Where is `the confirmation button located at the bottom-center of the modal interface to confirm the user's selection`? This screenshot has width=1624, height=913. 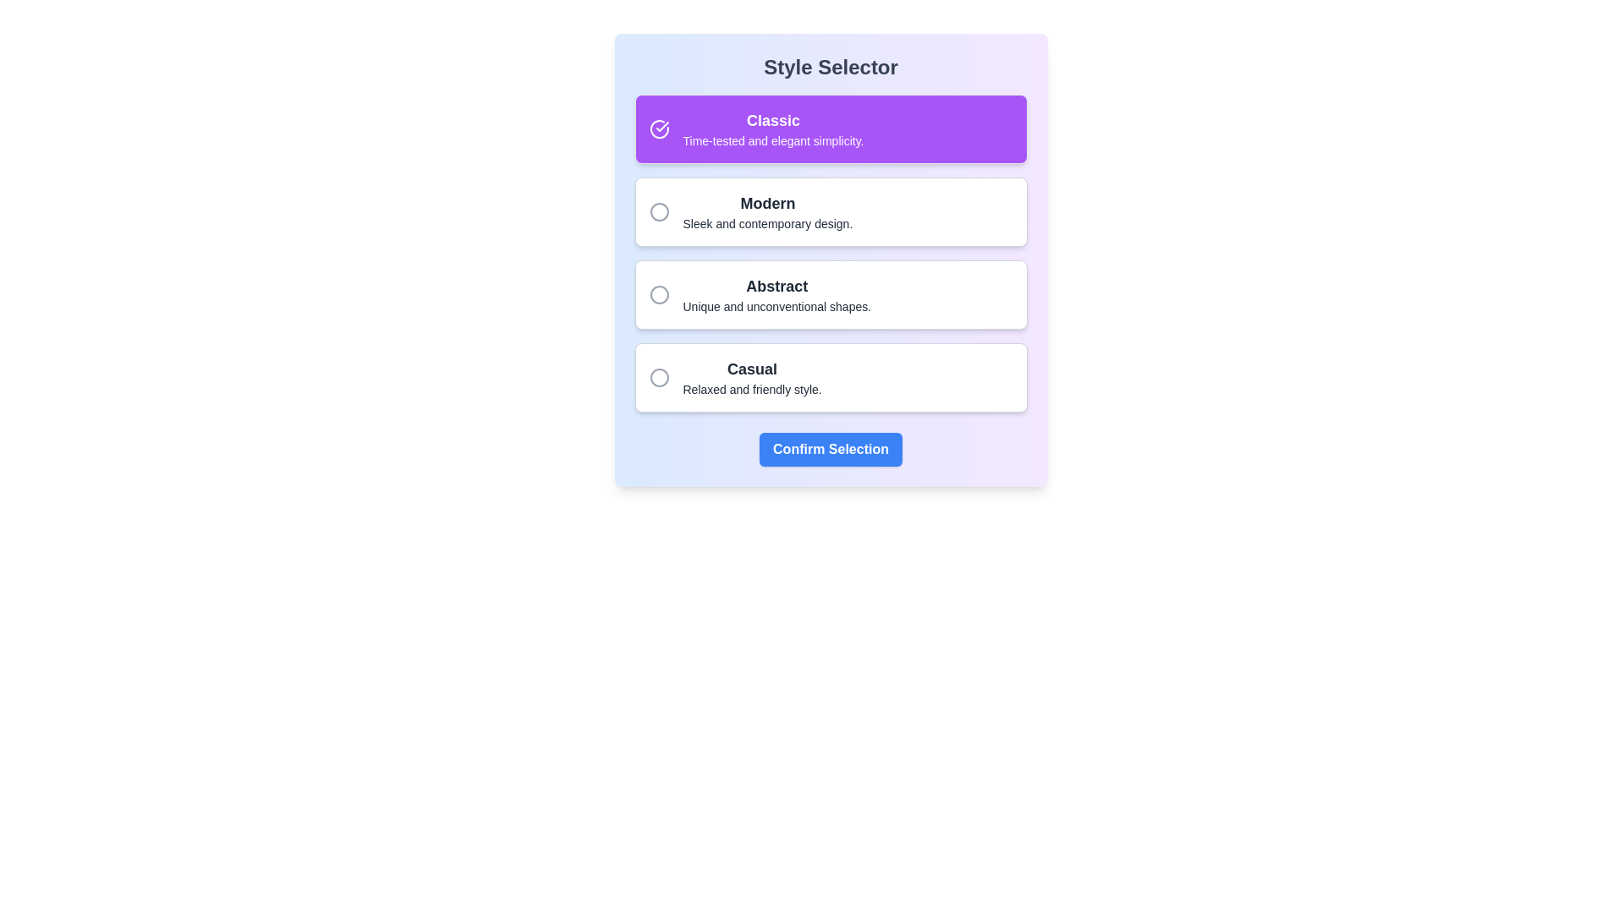 the confirmation button located at the bottom-center of the modal interface to confirm the user's selection is located at coordinates (831, 449).